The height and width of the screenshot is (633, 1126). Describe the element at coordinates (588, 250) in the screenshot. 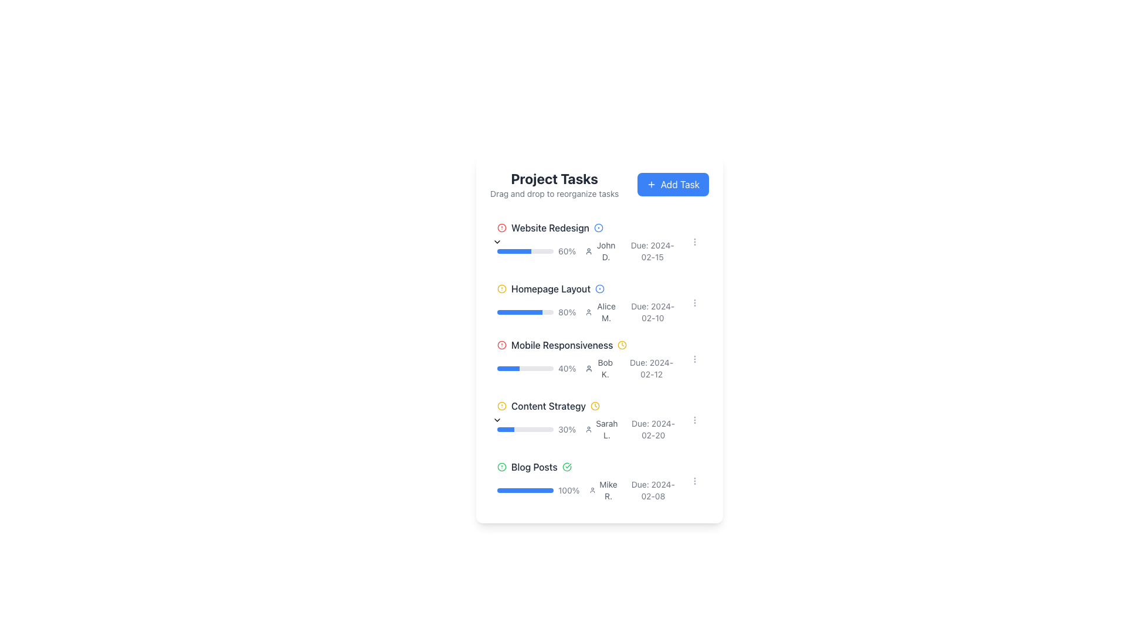

I see `the user avatar in the task progress component for 'Website Redesign', which includes a progress bar, text label, and icon, located in the lower part of the task block` at that location.